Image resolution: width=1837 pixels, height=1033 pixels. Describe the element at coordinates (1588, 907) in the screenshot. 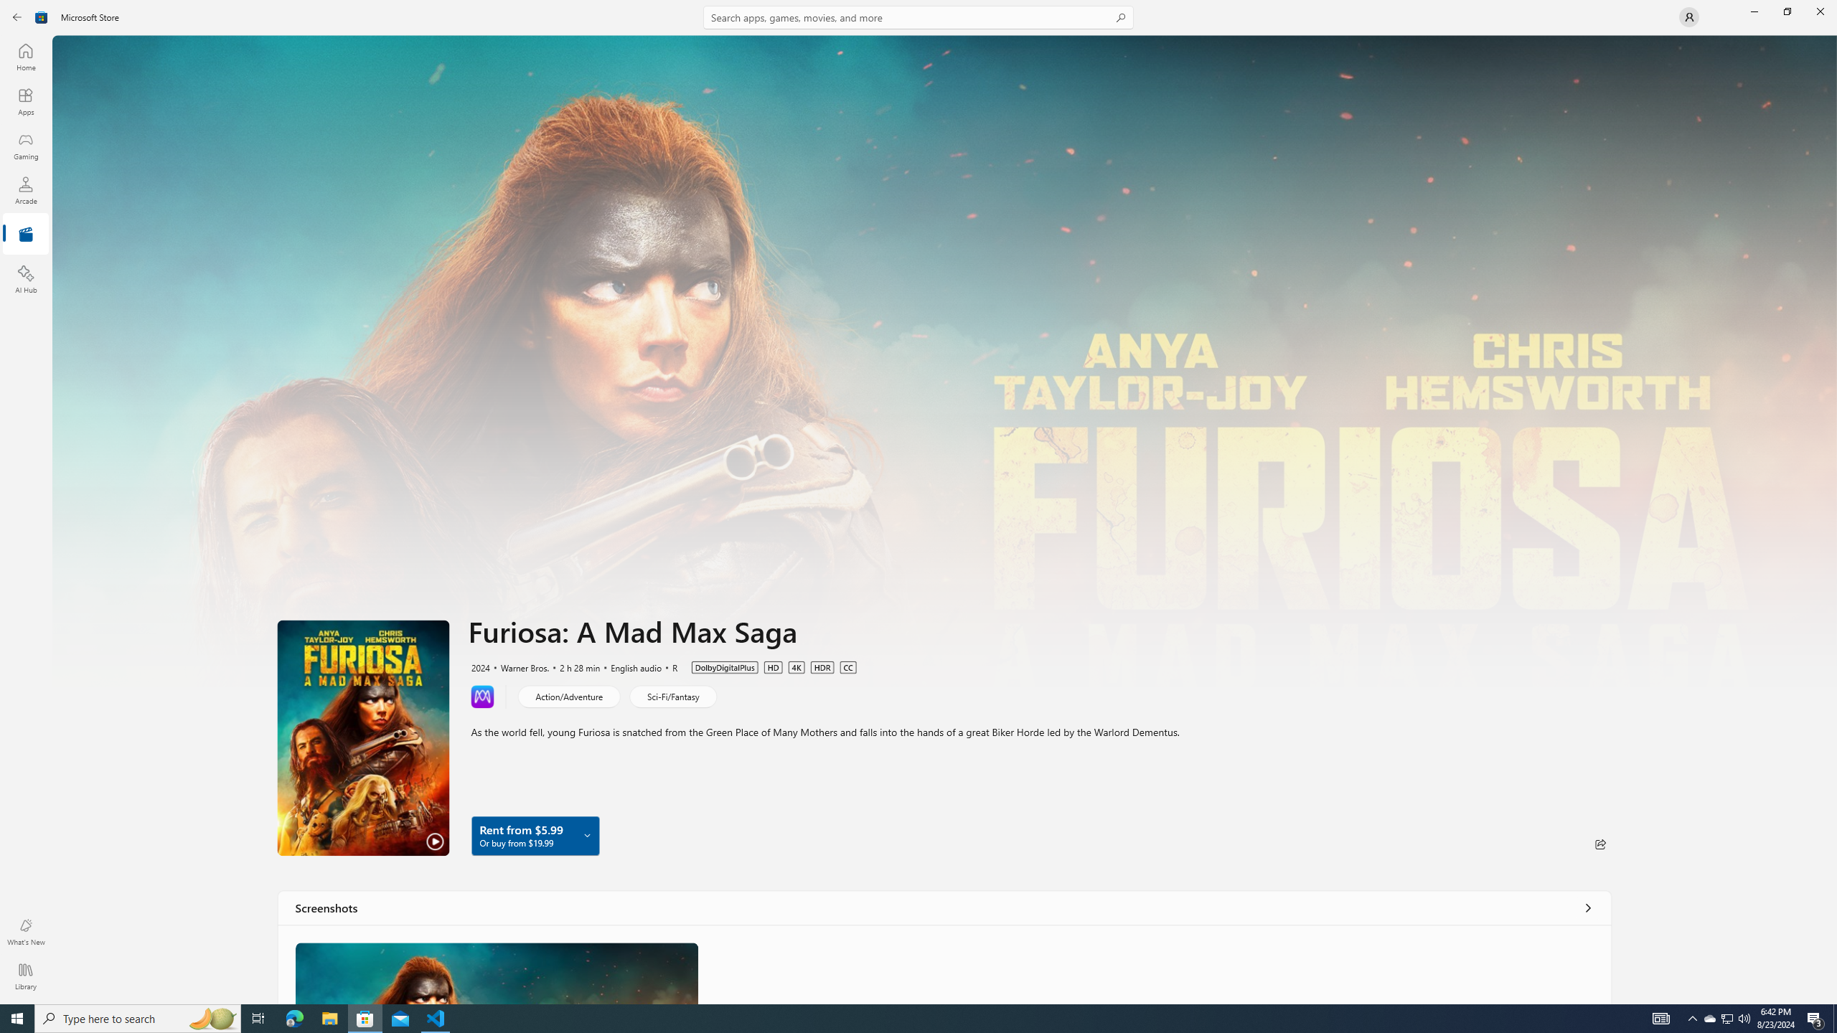

I see `'See all'` at that location.